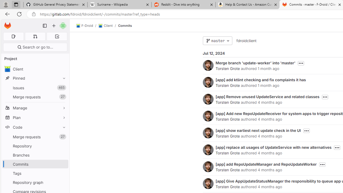 The width and height of the screenshot is (343, 193). I want to click on '[app] add ktlint checking and fix complaints it has', so click(260, 80).